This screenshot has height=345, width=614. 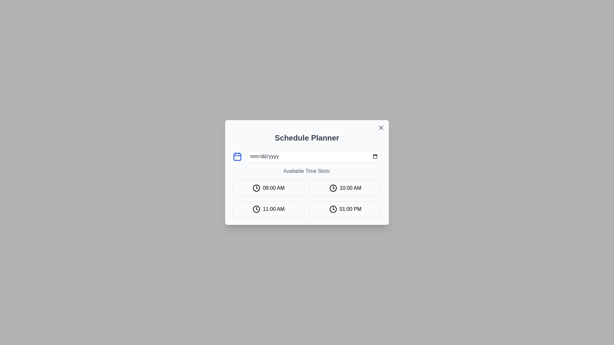 I want to click on the clock icon located to the left of the '11:00 AM' time button, which is part of a grid layout of similar time buttons, so click(x=256, y=209).